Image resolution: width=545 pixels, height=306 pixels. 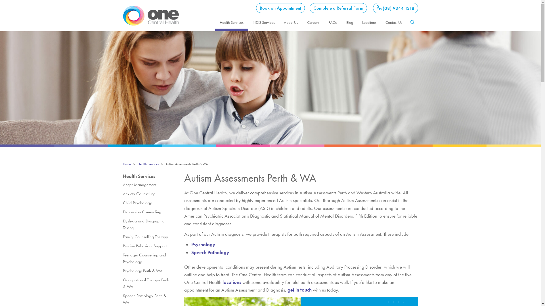 What do you see at coordinates (147, 258) in the screenshot?
I see `'Teenager Counselling and Psychology'` at bounding box center [147, 258].